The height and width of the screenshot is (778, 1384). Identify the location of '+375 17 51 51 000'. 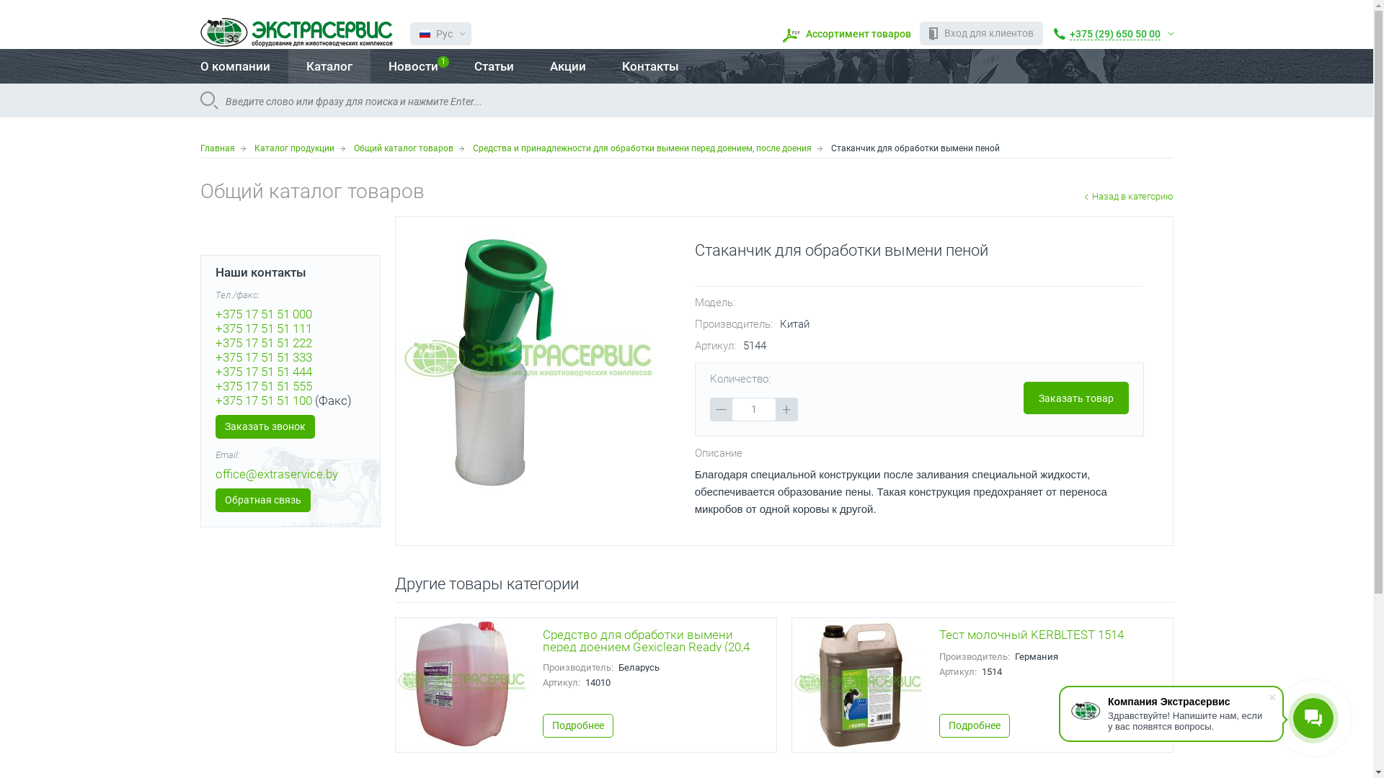
(262, 313).